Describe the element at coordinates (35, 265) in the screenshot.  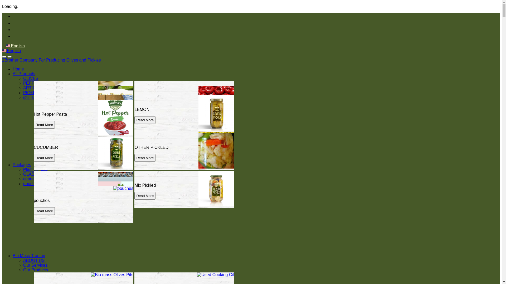
I see `'Our Services'` at that location.